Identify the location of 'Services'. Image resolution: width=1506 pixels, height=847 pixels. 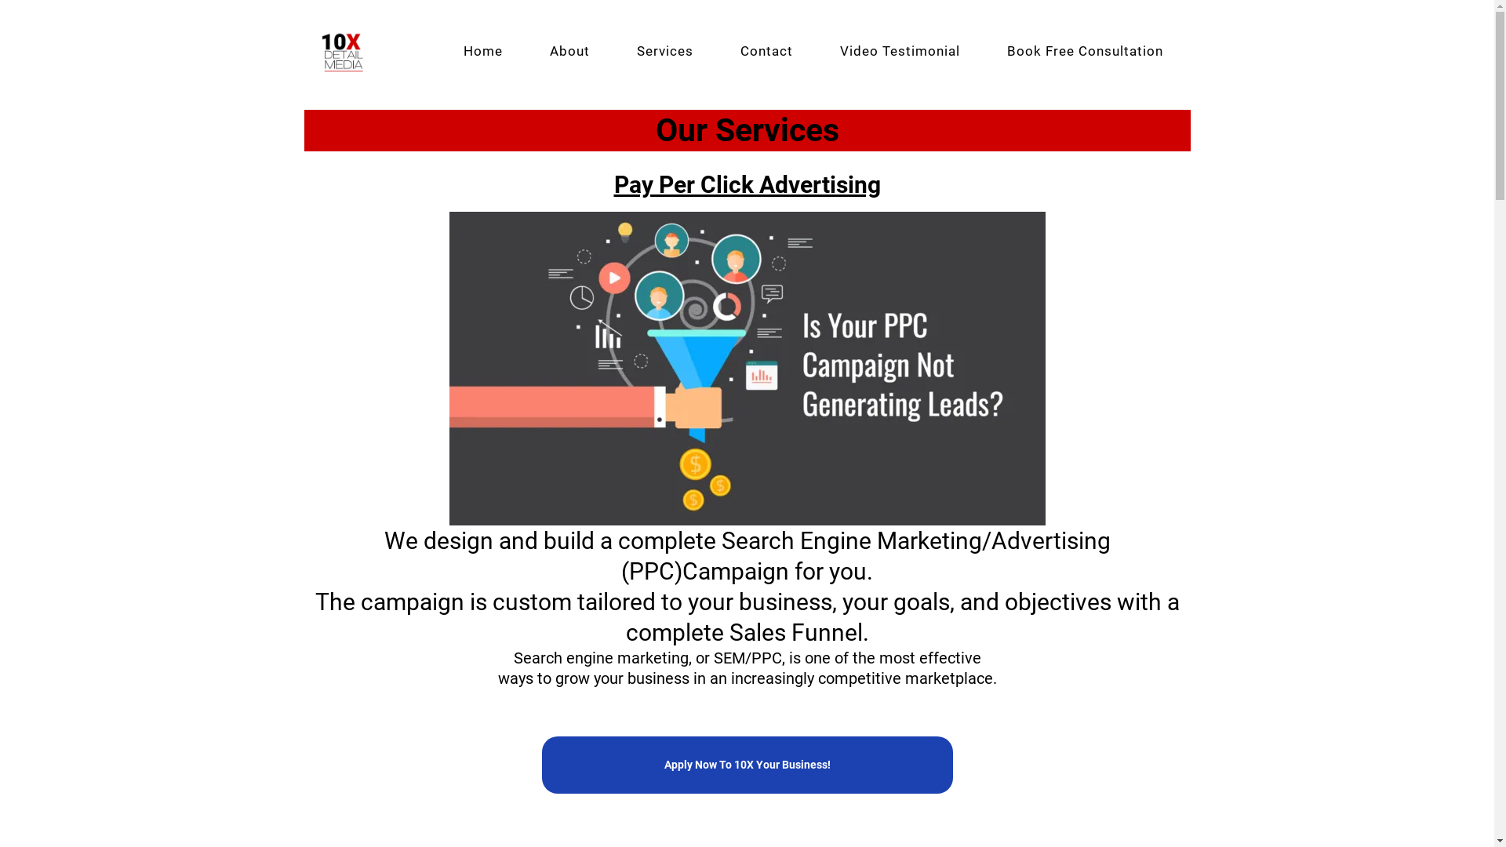
(665, 50).